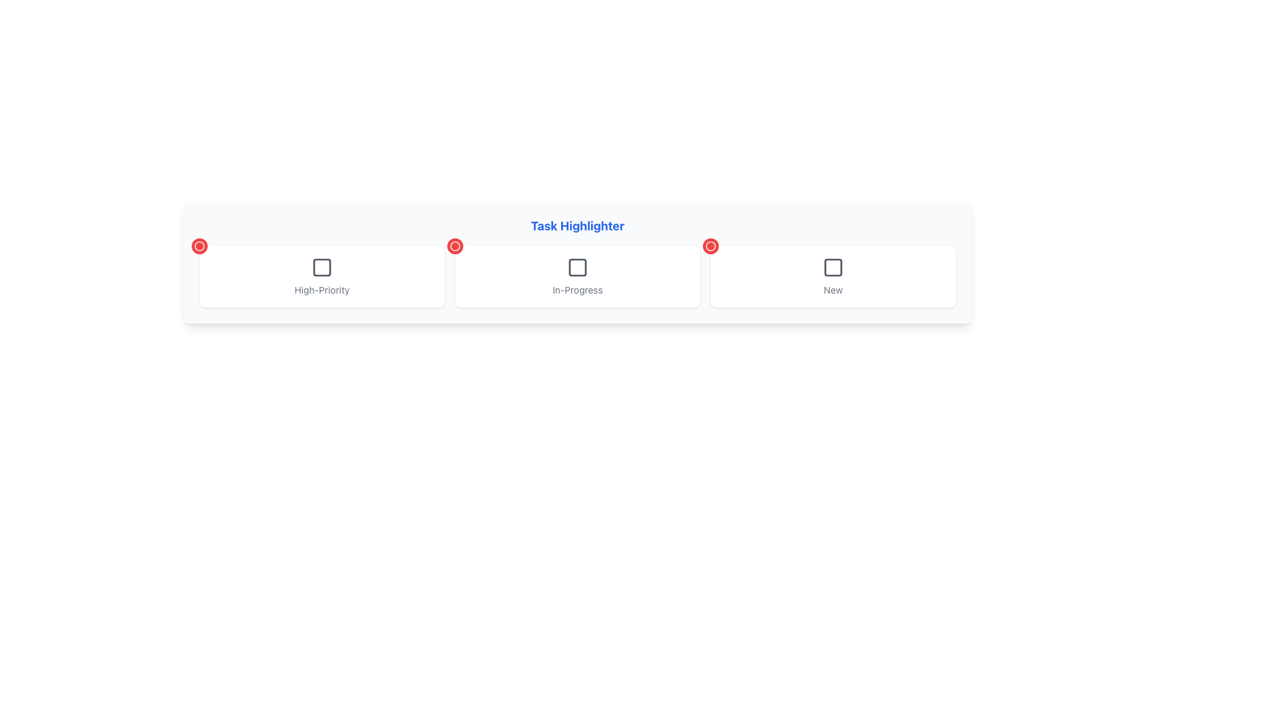 This screenshot has width=1278, height=719. I want to click on text from the title label at the top of the 'Task Highlighter' interface, which indicates the purpose of the section below it, so click(578, 225).